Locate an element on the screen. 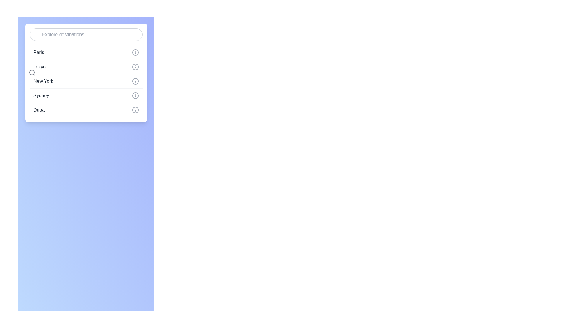 This screenshot has height=317, width=563. the Circle SVG graphical element located to the left of the text 'Tokyo' within the interactive list interface is located at coordinates (32, 72).